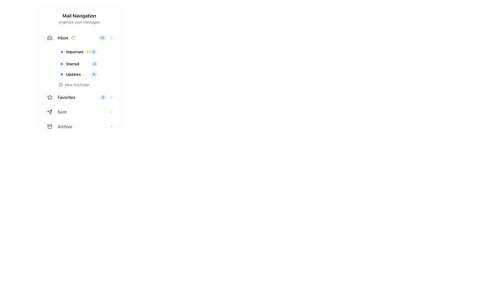 The image size is (501, 282). What do you see at coordinates (63, 38) in the screenshot?
I see `the 'Inbox' label in the 'Mail Navigation' section, which indicates the section for incoming messages` at bounding box center [63, 38].